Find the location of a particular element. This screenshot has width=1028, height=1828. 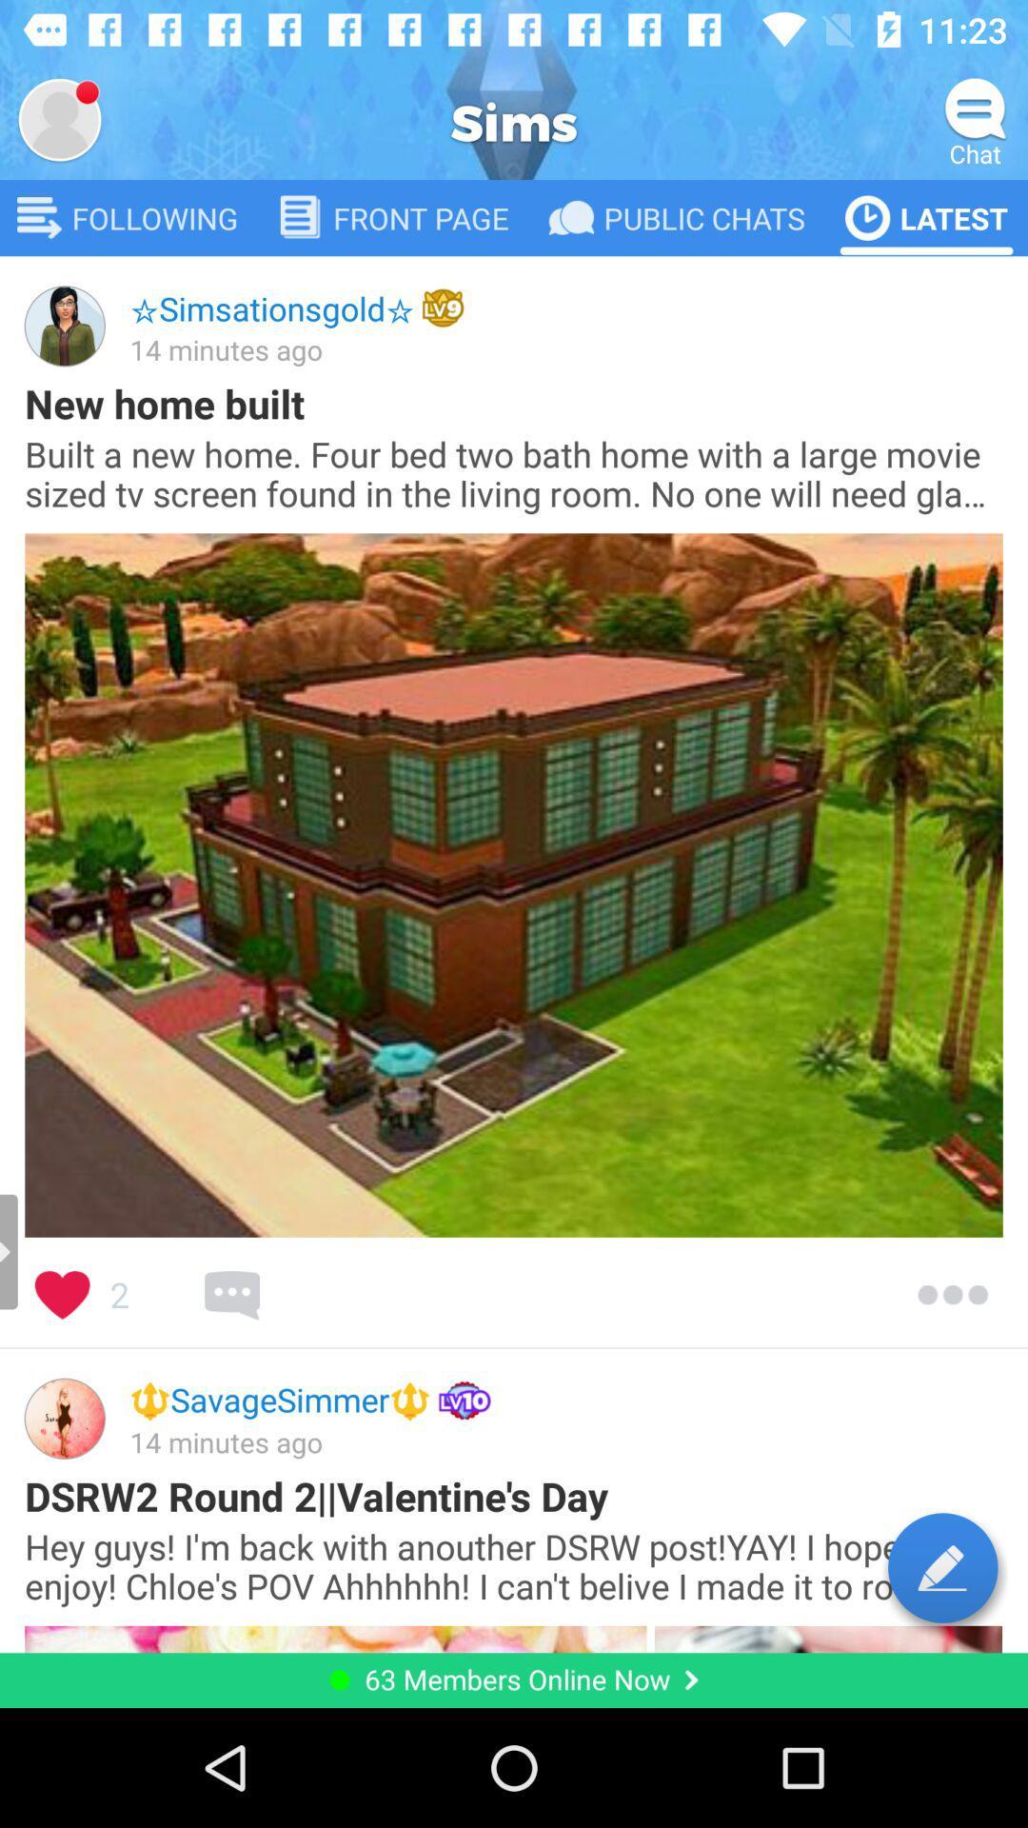

to write something is located at coordinates (942, 1567).